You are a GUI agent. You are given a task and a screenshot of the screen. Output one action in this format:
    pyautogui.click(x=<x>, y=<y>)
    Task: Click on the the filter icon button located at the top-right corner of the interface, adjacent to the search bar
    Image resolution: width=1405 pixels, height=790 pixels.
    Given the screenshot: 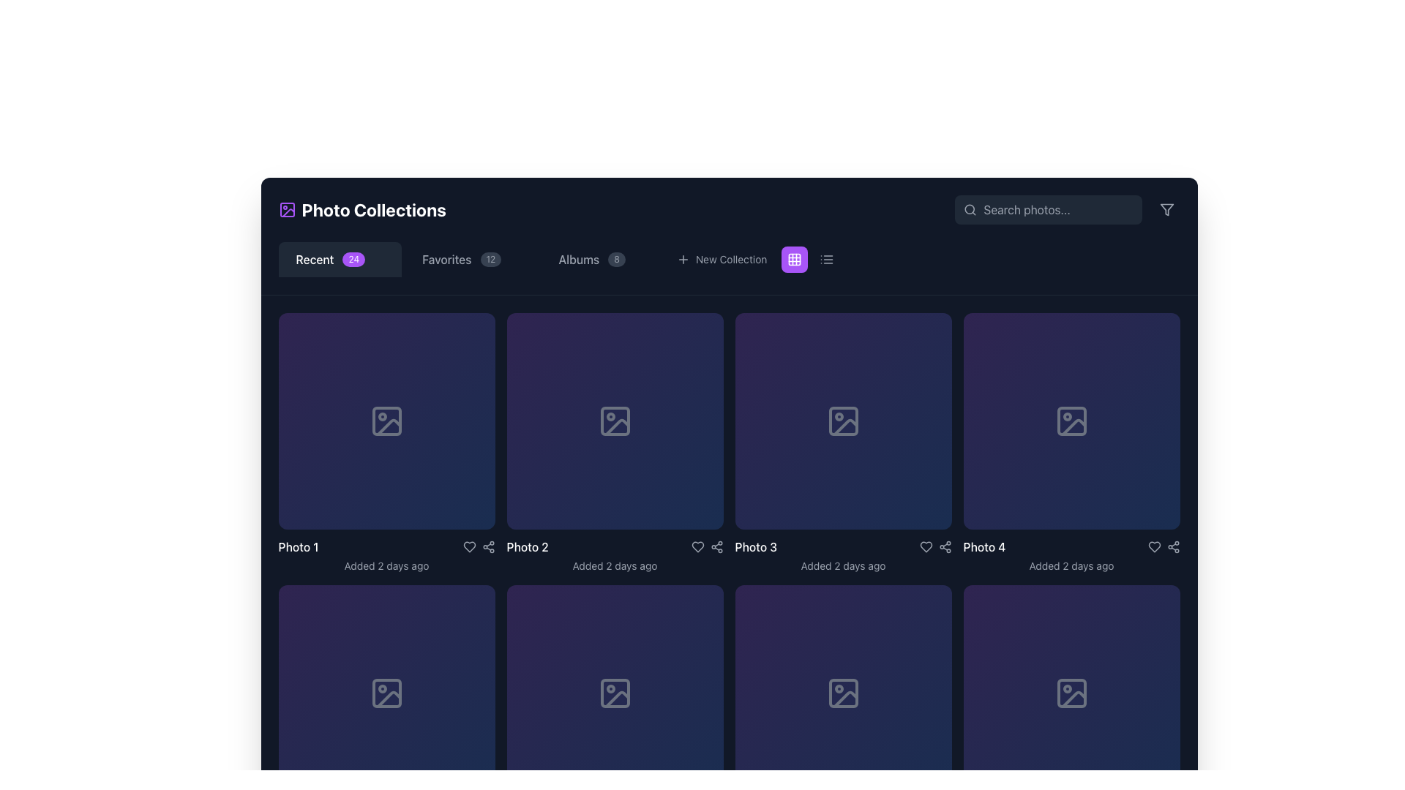 What is the action you would take?
    pyautogui.click(x=1166, y=209)
    